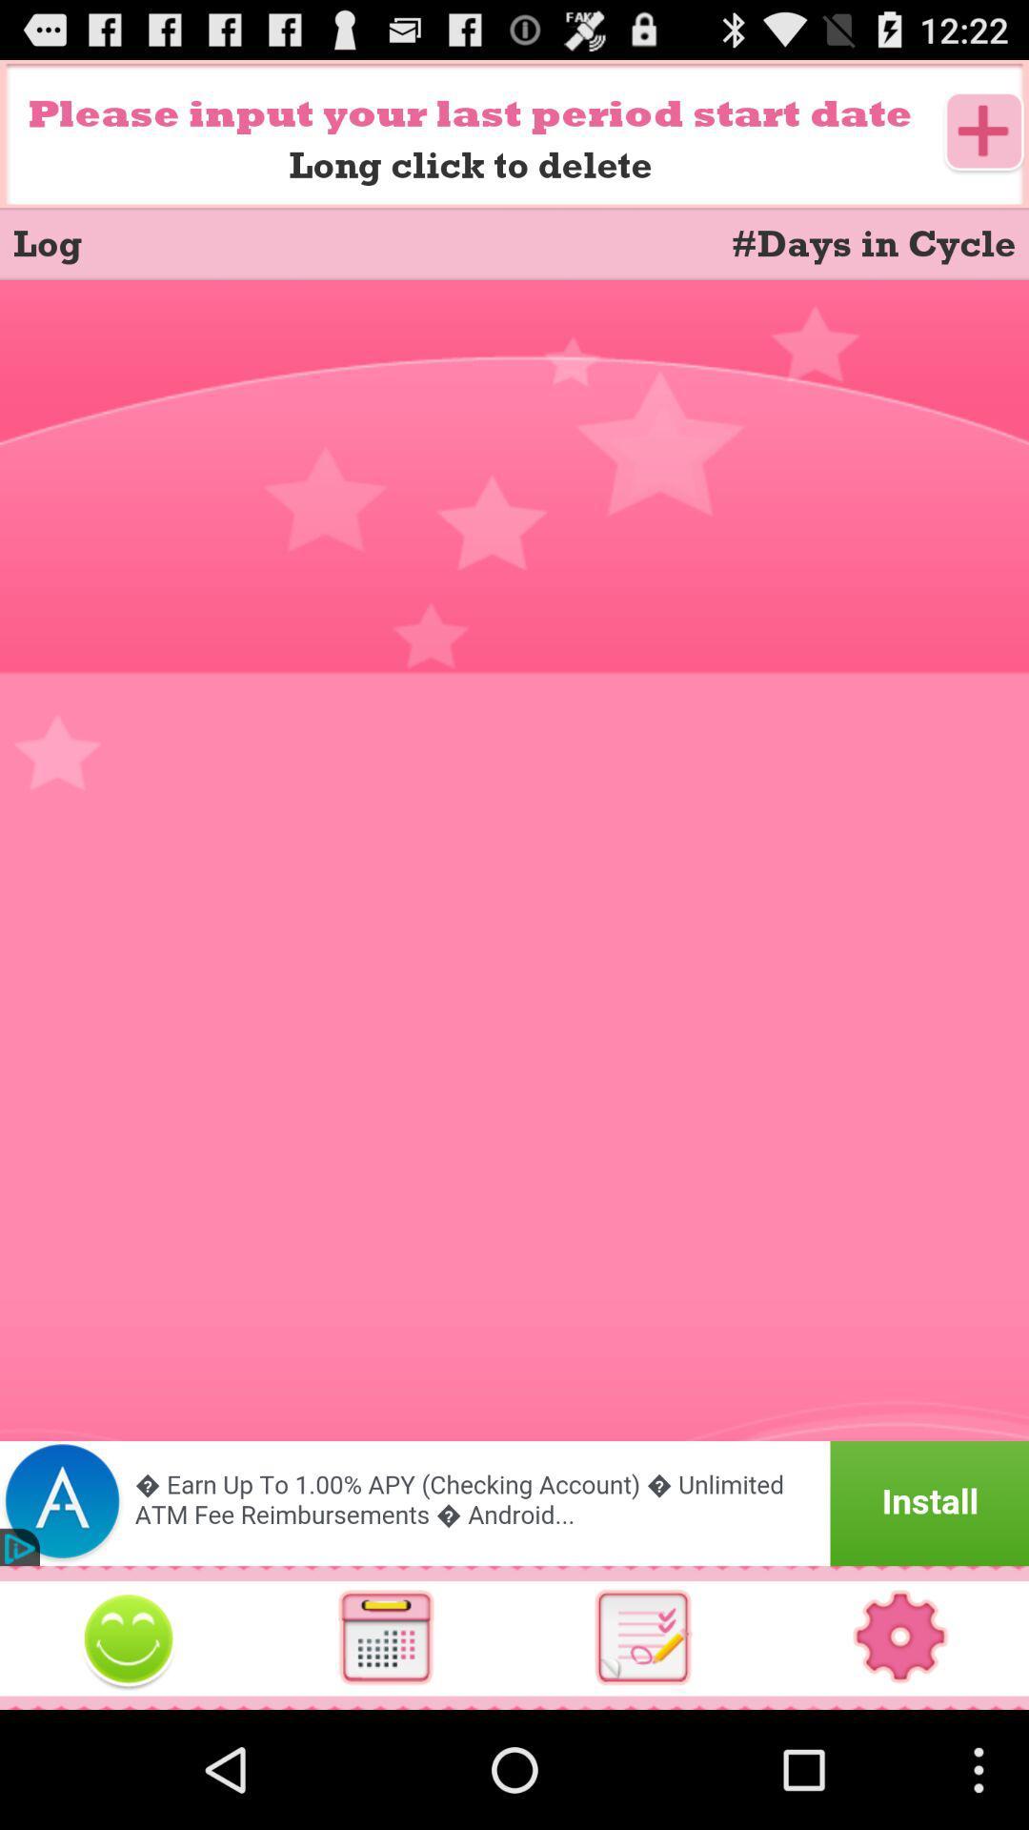 This screenshot has width=1029, height=1830. What do you see at coordinates (386, 1637) in the screenshot?
I see `see calendar` at bounding box center [386, 1637].